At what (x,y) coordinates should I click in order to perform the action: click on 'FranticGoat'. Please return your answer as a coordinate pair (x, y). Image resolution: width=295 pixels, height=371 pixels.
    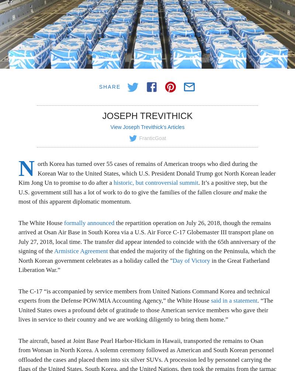
    Looking at the image, I should click on (152, 138).